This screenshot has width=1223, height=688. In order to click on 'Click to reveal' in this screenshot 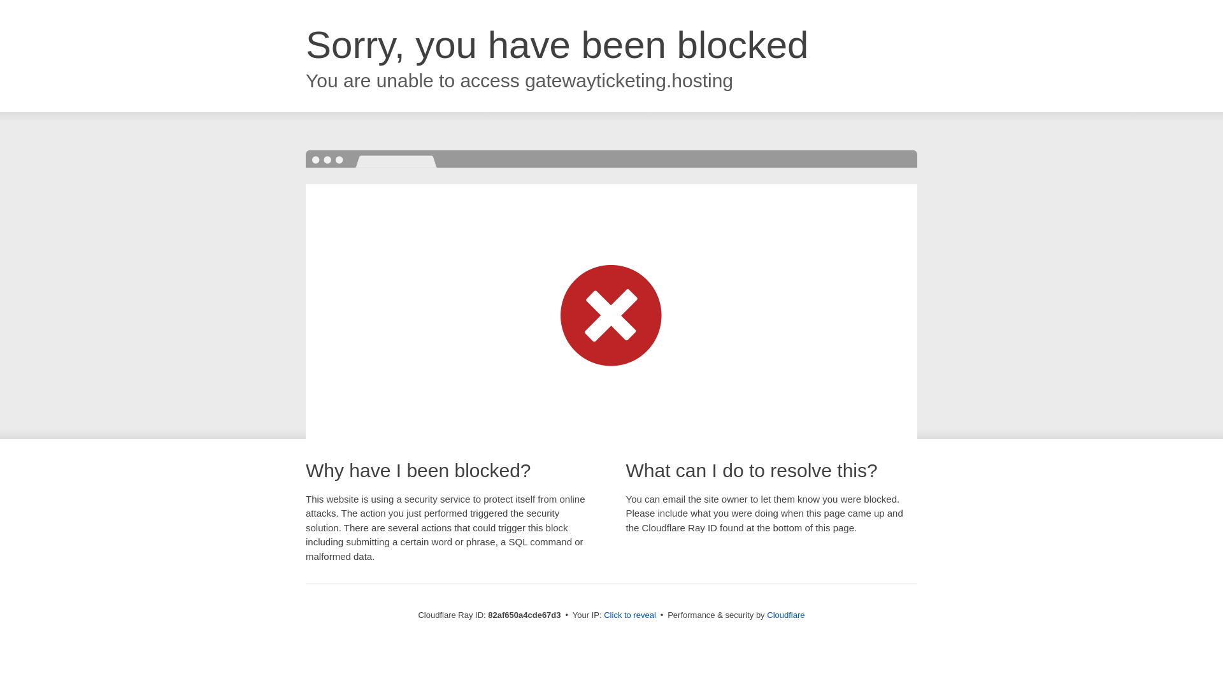, I will do `click(629, 614)`.